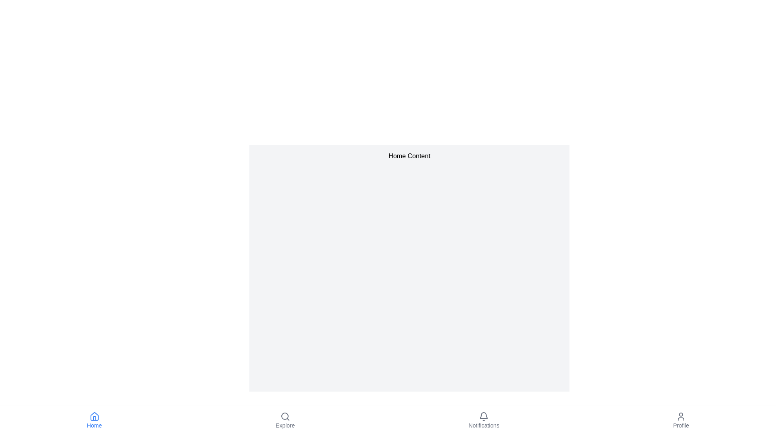  Describe the element at coordinates (285, 417) in the screenshot. I see `the search icon in the bottom navigation bar, second from the left` at that location.